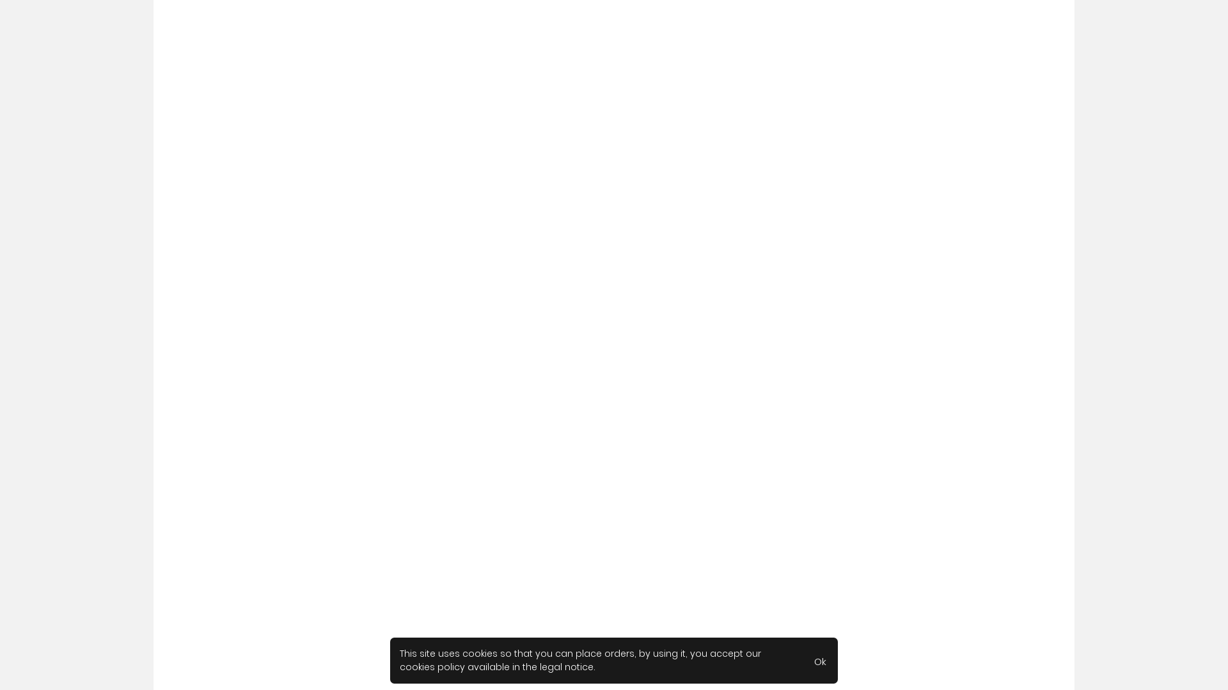  Describe the element at coordinates (803, 660) in the screenshot. I see `'Ok'` at that location.